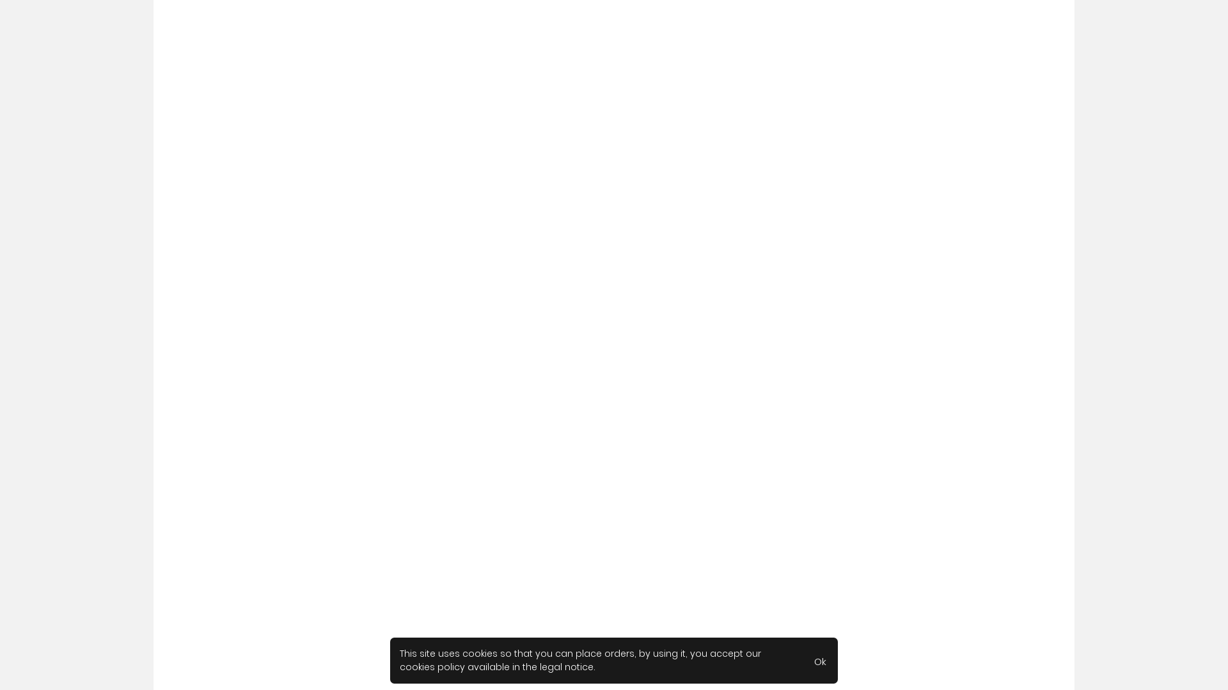  Describe the element at coordinates (803, 660) in the screenshot. I see `'Ok'` at that location.